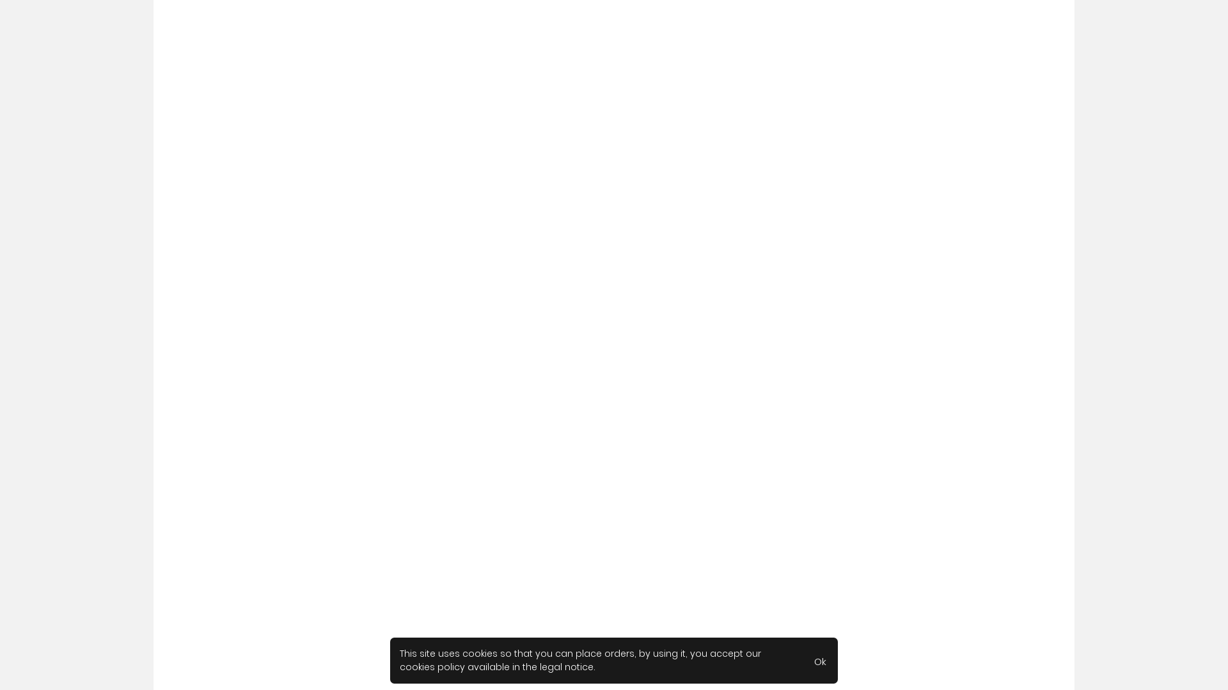  Describe the element at coordinates (803, 660) in the screenshot. I see `'Ok'` at that location.